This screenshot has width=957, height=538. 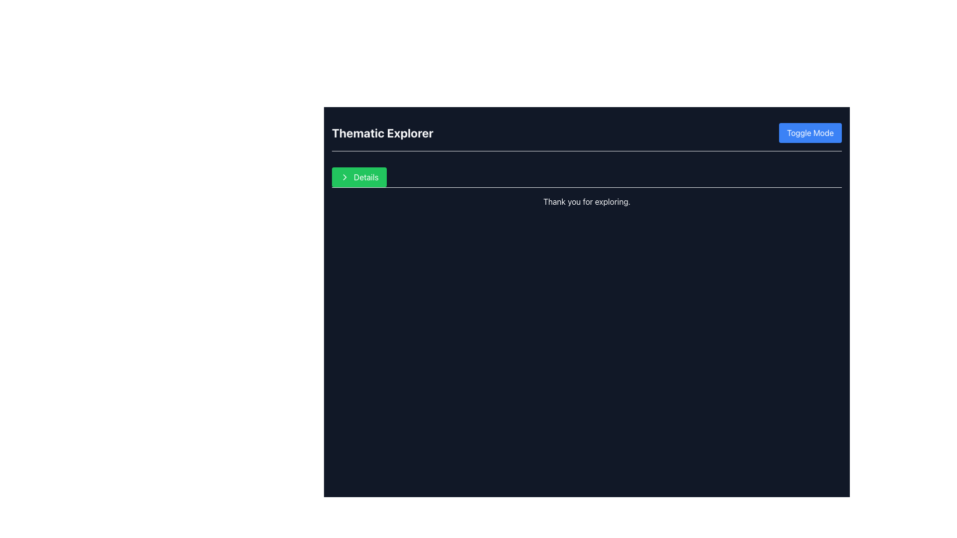 I want to click on the 'Toggle Mode' button, which is a rectangular button with rounded corners and a blue background located in the top-right section of the header bar, so click(x=810, y=132).